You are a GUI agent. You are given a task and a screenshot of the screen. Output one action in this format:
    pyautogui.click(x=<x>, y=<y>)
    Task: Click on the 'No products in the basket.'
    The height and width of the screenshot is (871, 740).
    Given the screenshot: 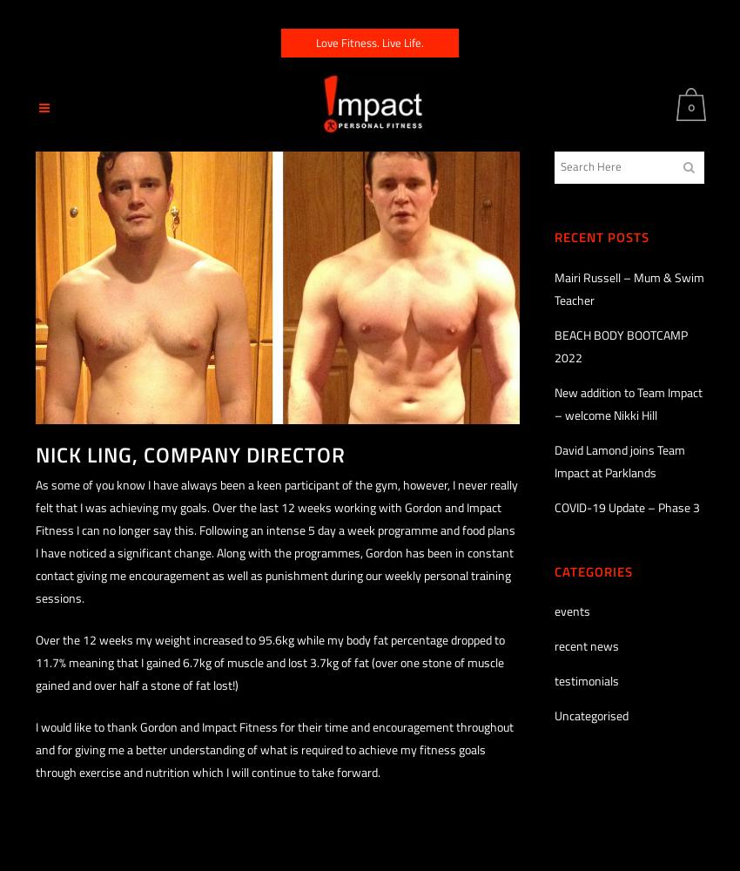 What is the action you would take?
    pyautogui.click(x=583, y=179)
    